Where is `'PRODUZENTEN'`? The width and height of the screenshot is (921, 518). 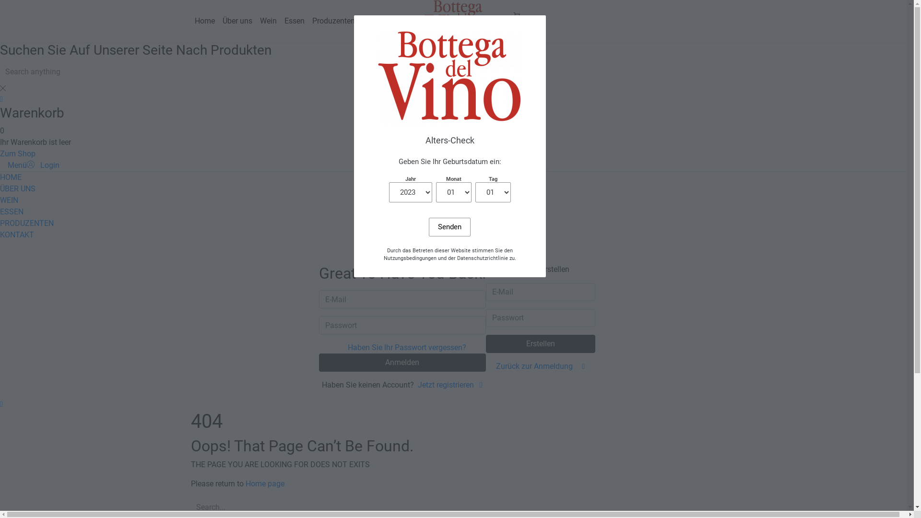
'PRODUZENTEN' is located at coordinates (0, 223).